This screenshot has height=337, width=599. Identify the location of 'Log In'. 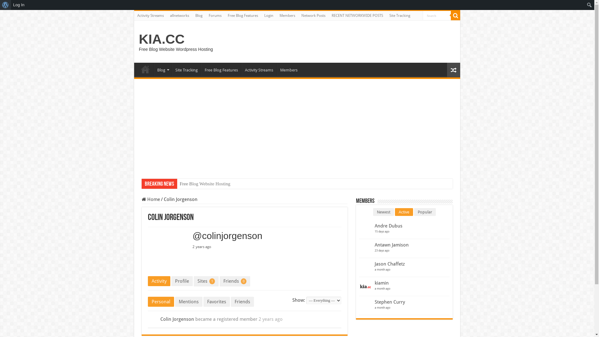
(19, 5).